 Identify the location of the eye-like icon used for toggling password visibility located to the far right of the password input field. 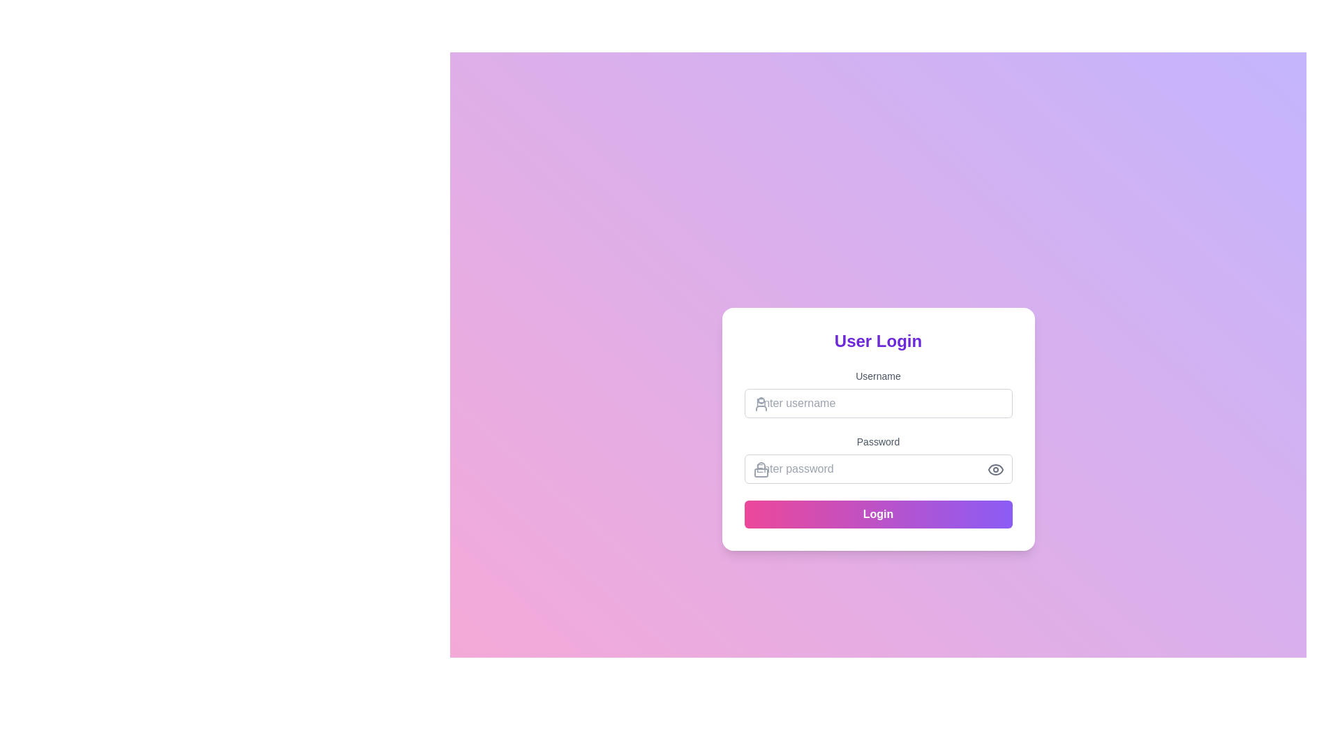
(995, 469).